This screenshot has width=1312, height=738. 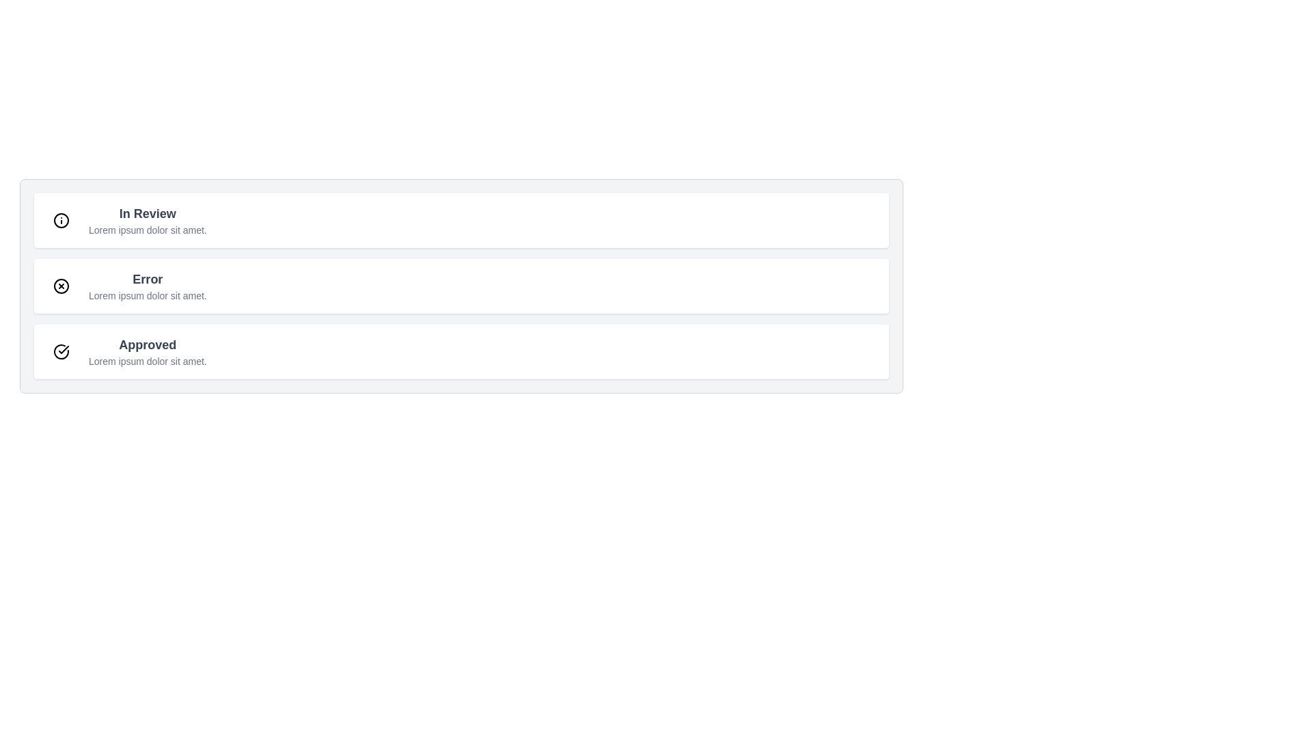 I want to click on the SVG Circle element that serves as a circular boundary for the top icon in a vertical list of status indicators, so click(x=61, y=220).